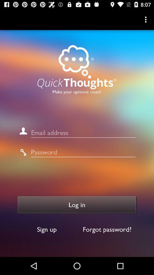  I want to click on the log in, so click(77, 205).